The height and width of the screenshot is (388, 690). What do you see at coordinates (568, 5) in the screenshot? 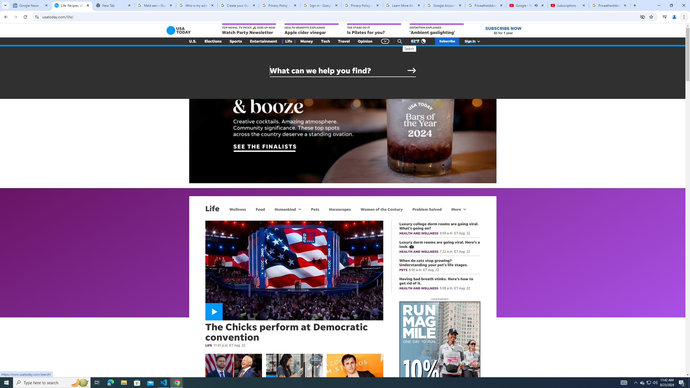
I see `'Subscriptions - YouTube'` at bounding box center [568, 5].